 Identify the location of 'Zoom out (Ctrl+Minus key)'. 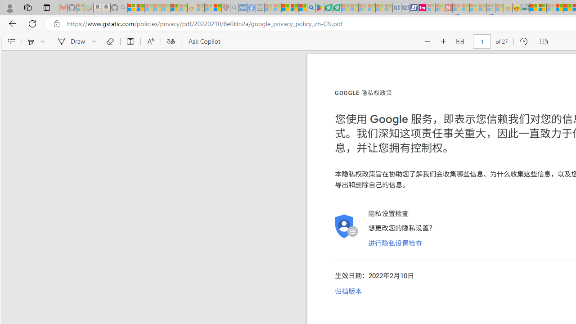
(427, 41).